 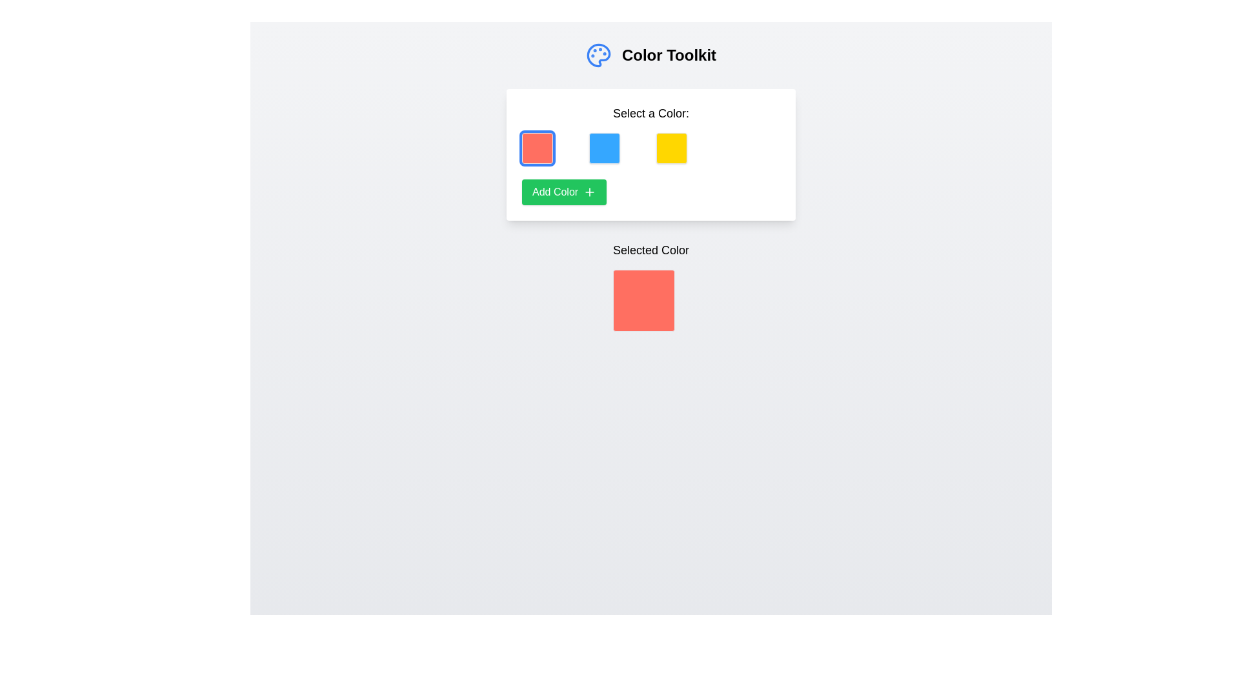 I want to click on the green rectangular button labeled 'Add Color', so click(x=564, y=192).